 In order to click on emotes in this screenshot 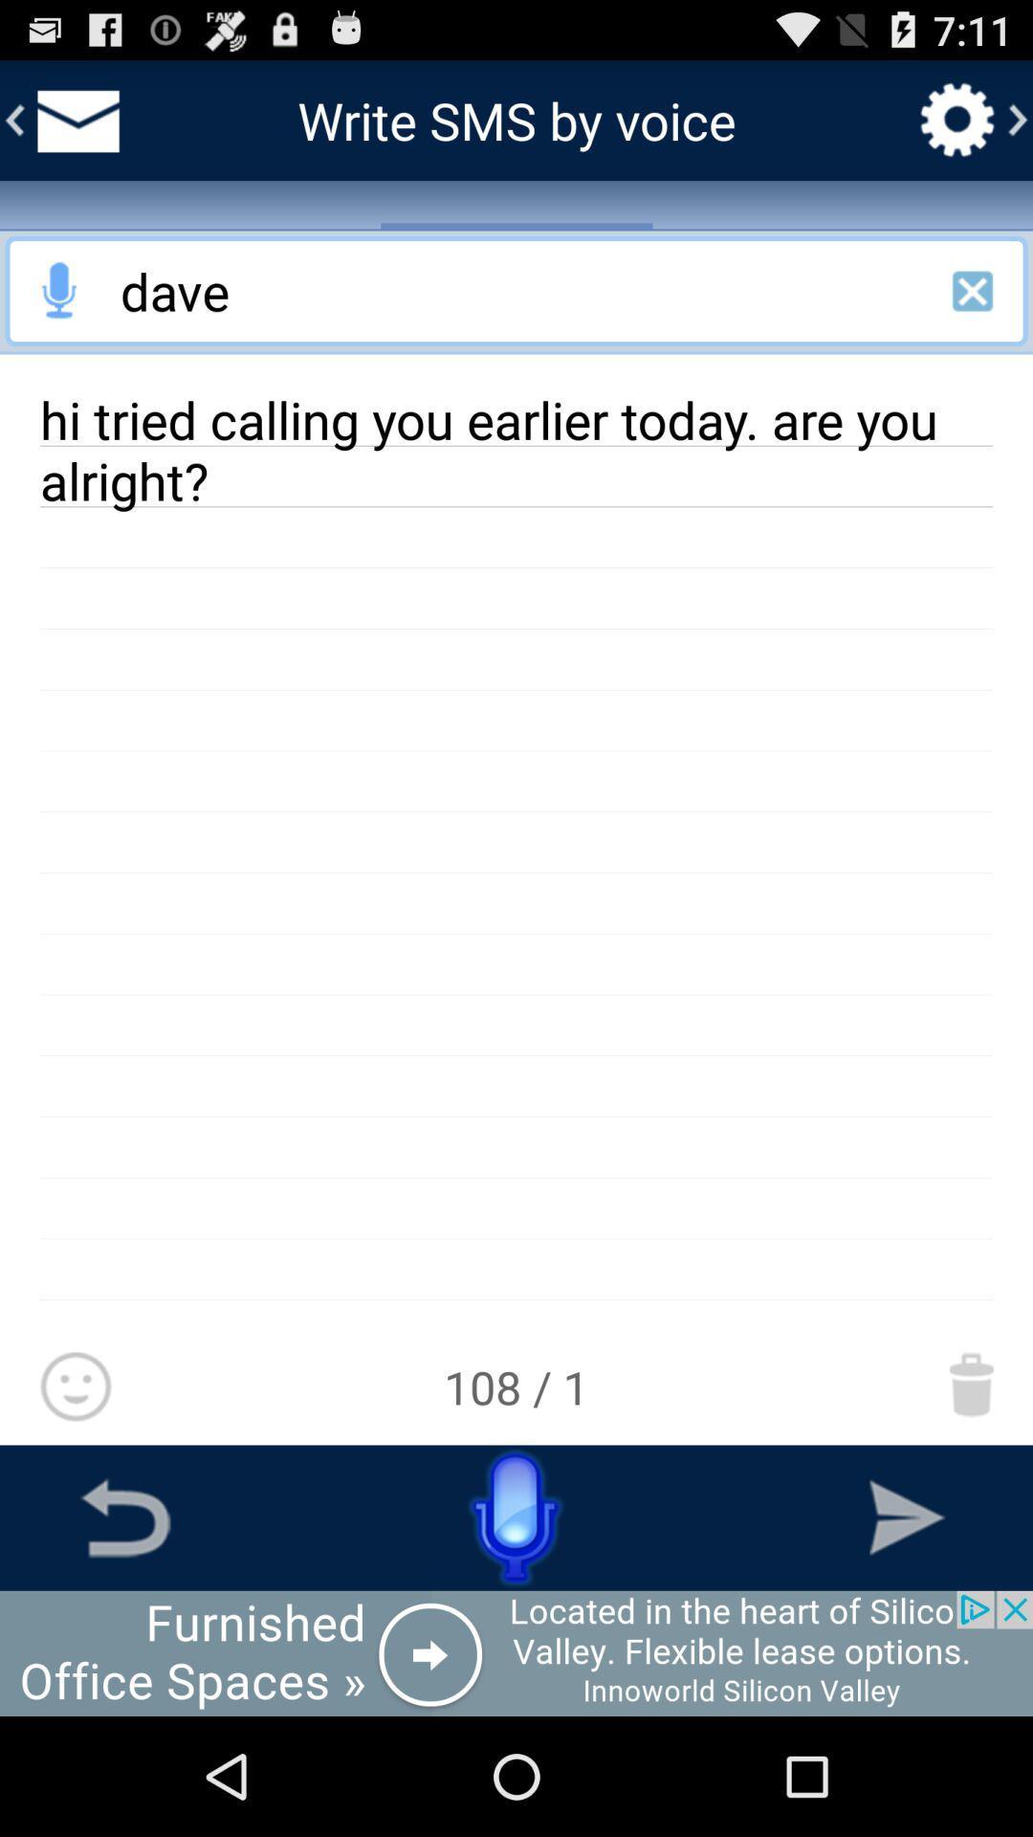, I will do `click(75, 1387)`.